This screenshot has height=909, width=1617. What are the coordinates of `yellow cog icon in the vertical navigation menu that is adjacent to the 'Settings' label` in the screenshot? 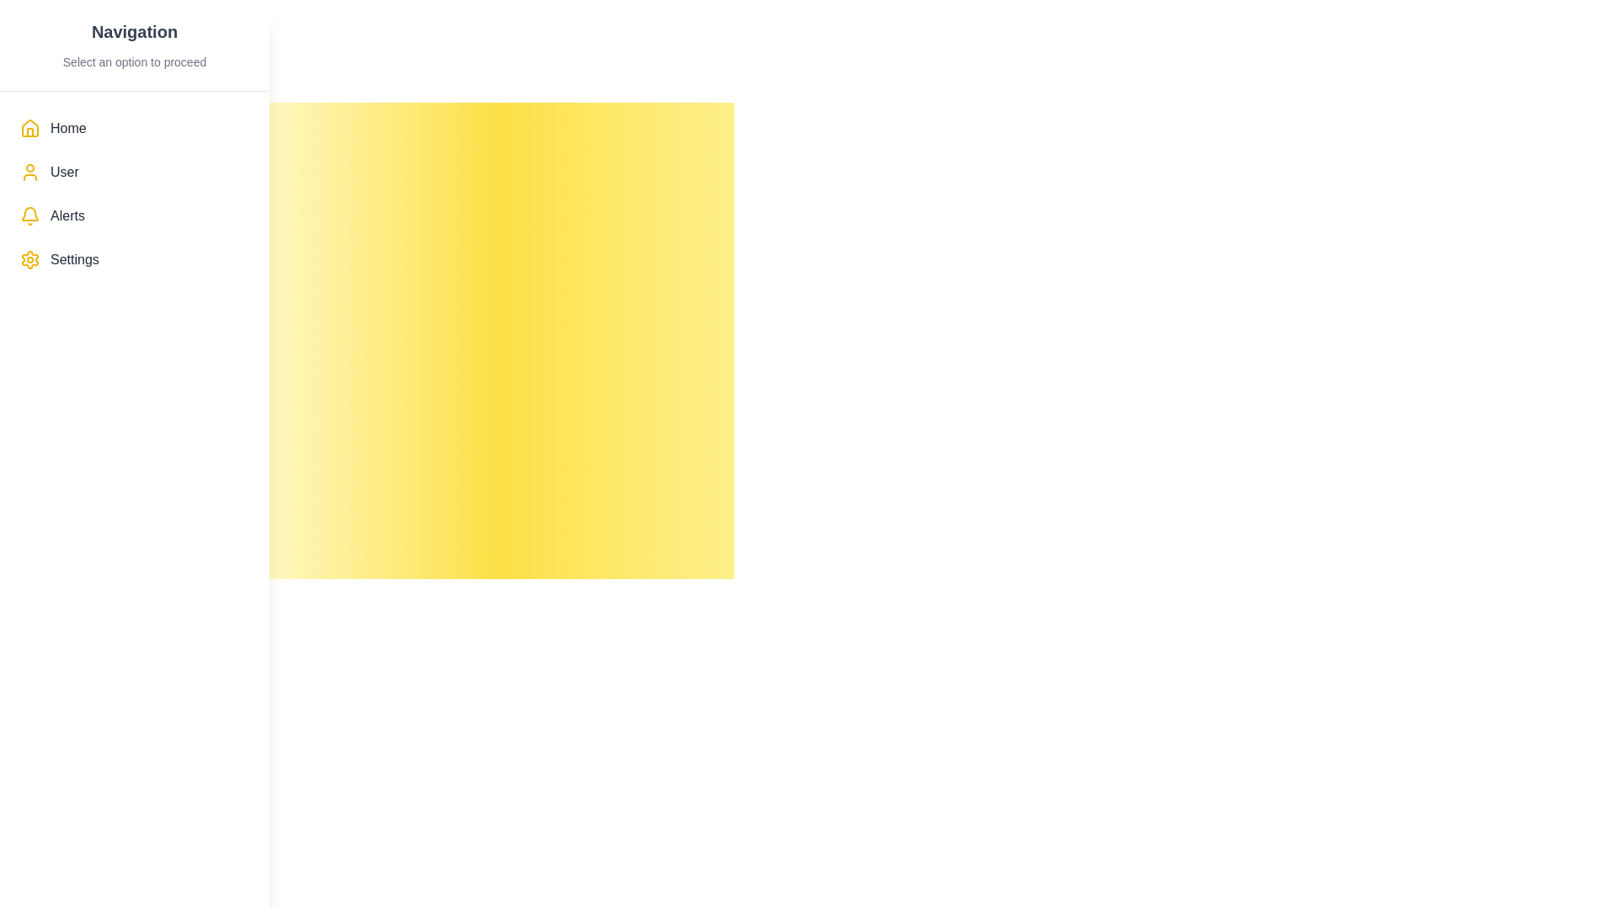 It's located at (29, 259).